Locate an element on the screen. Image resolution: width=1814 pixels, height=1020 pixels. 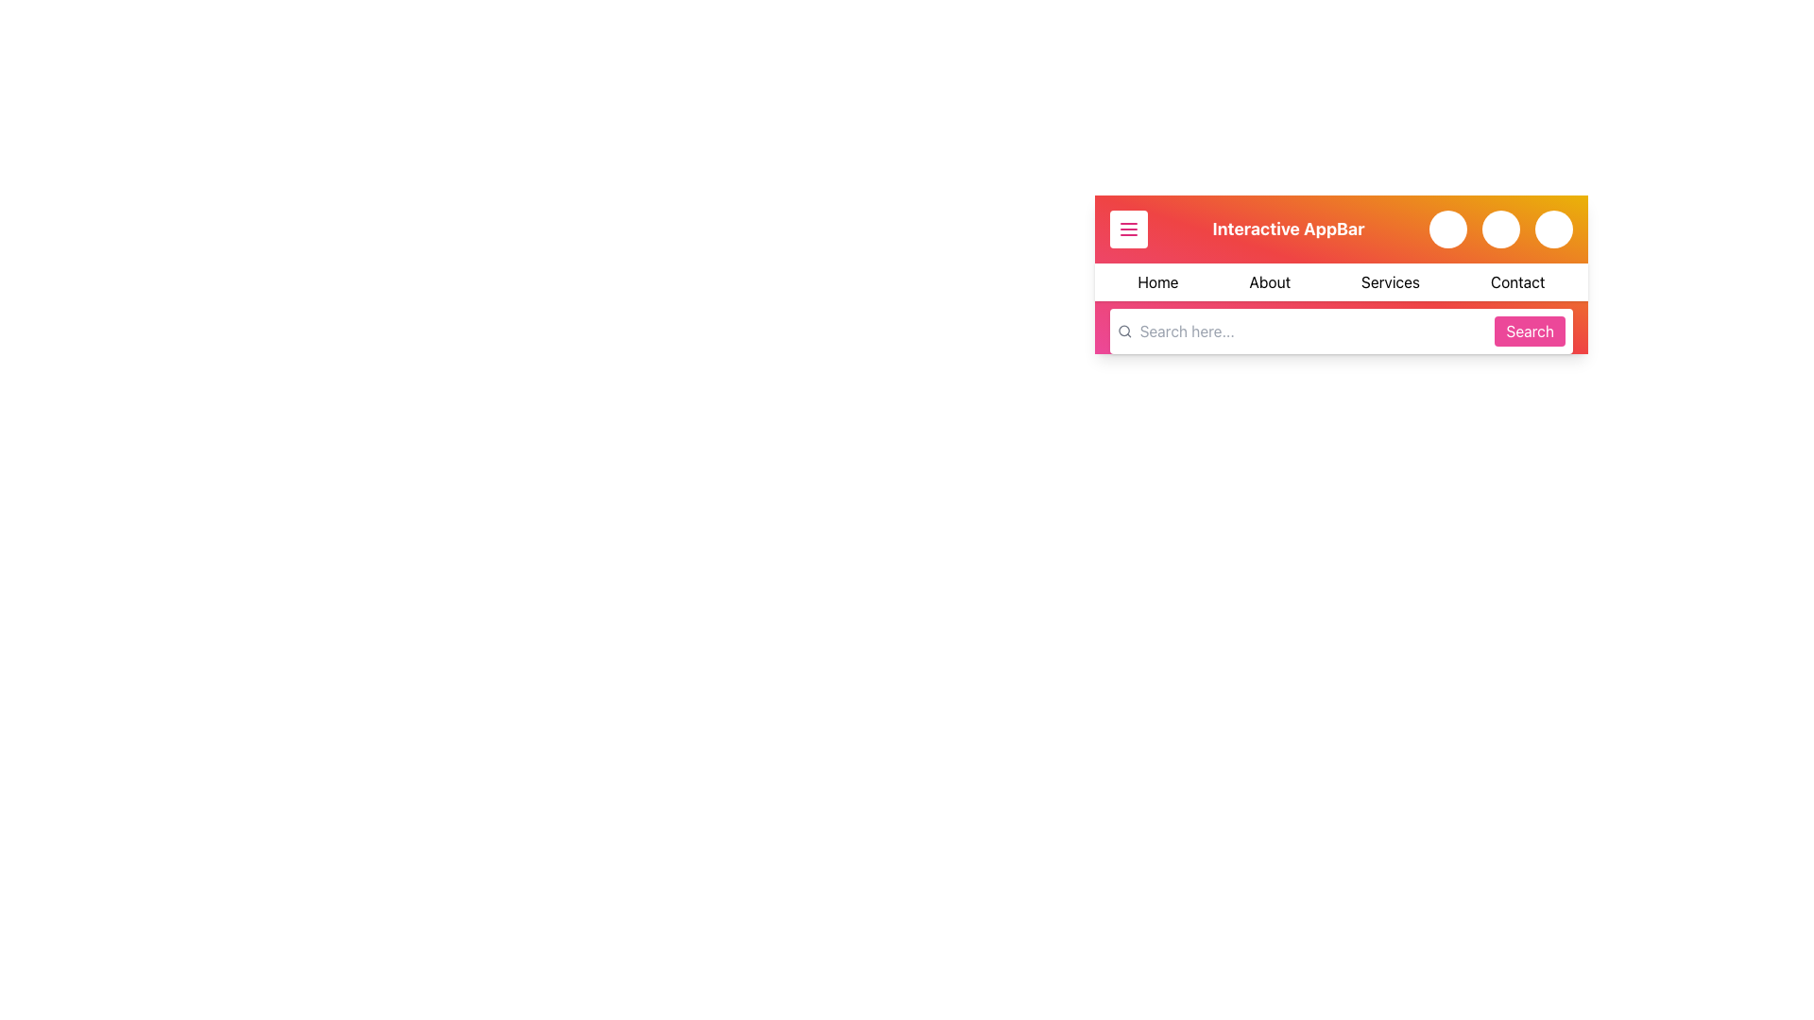
the label or static text element located at the center of the top navigation bar, which identifies the app or website is located at coordinates (1287, 229).